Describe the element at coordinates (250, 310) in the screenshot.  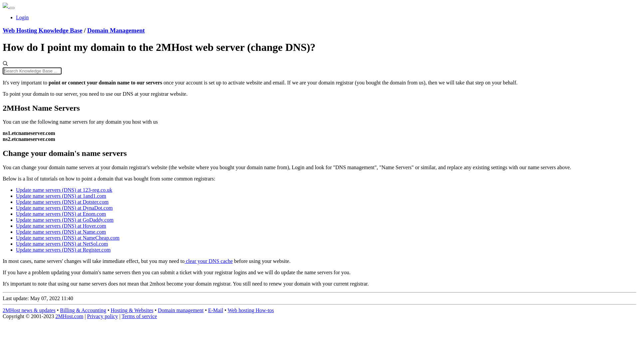
I see `'Web hosting How-tos'` at that location.